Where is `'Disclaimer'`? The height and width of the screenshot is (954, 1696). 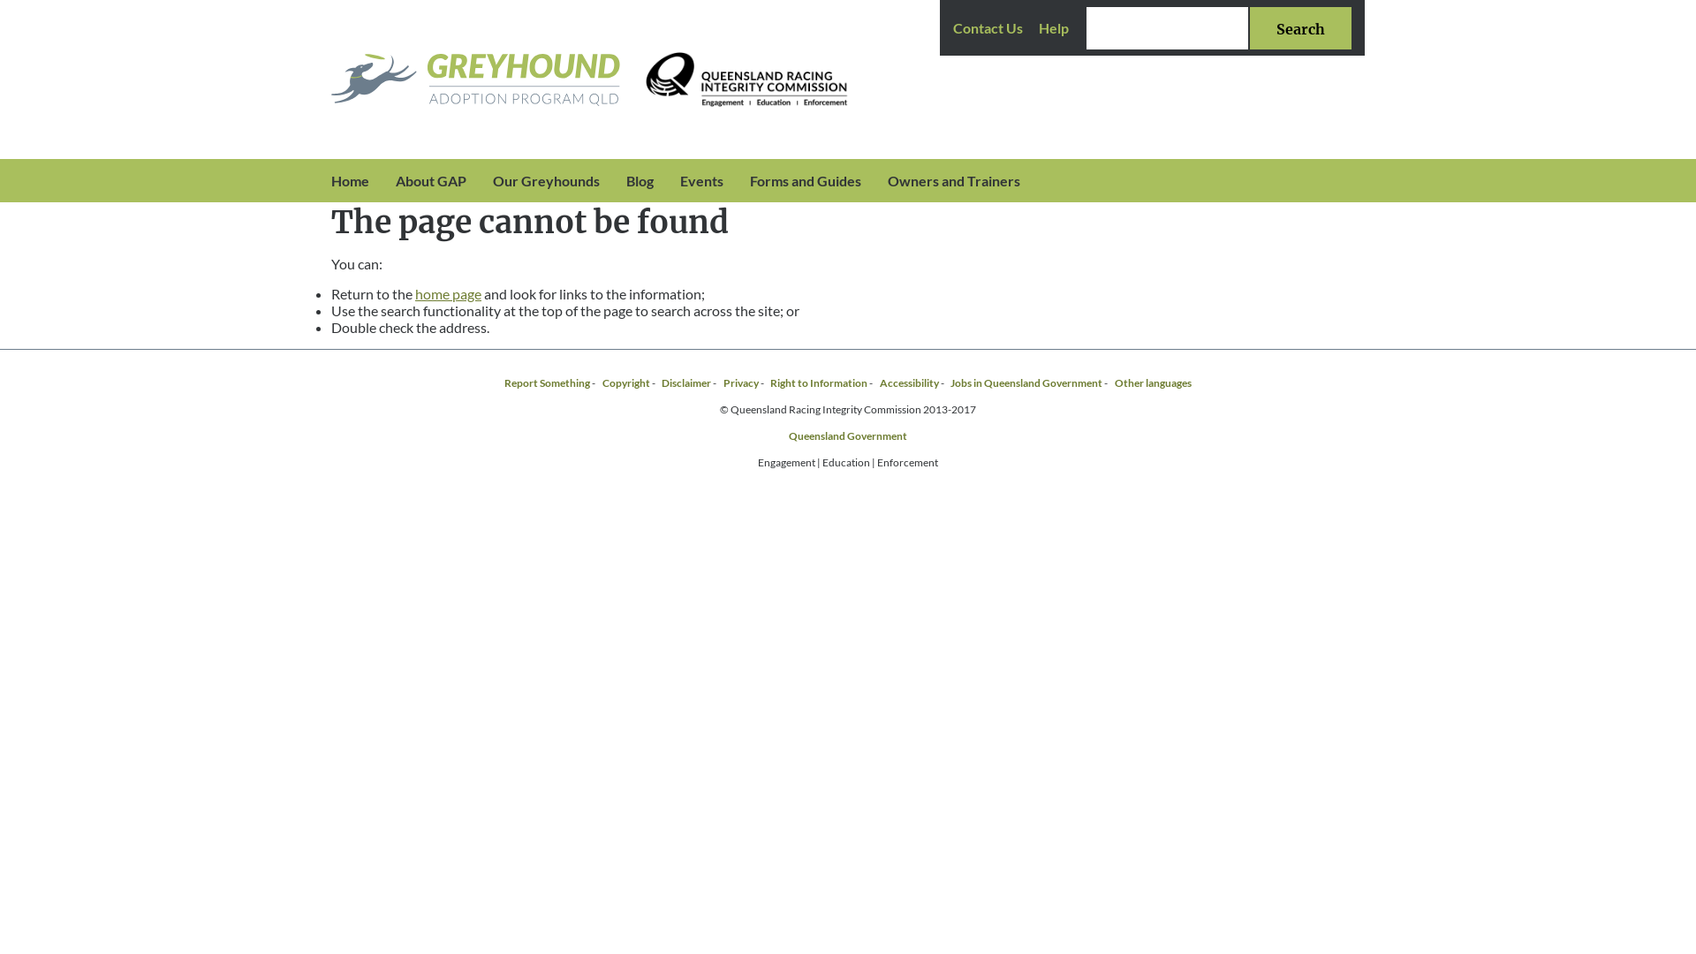
'Disclaimer' is located at coordinates (685, 382).